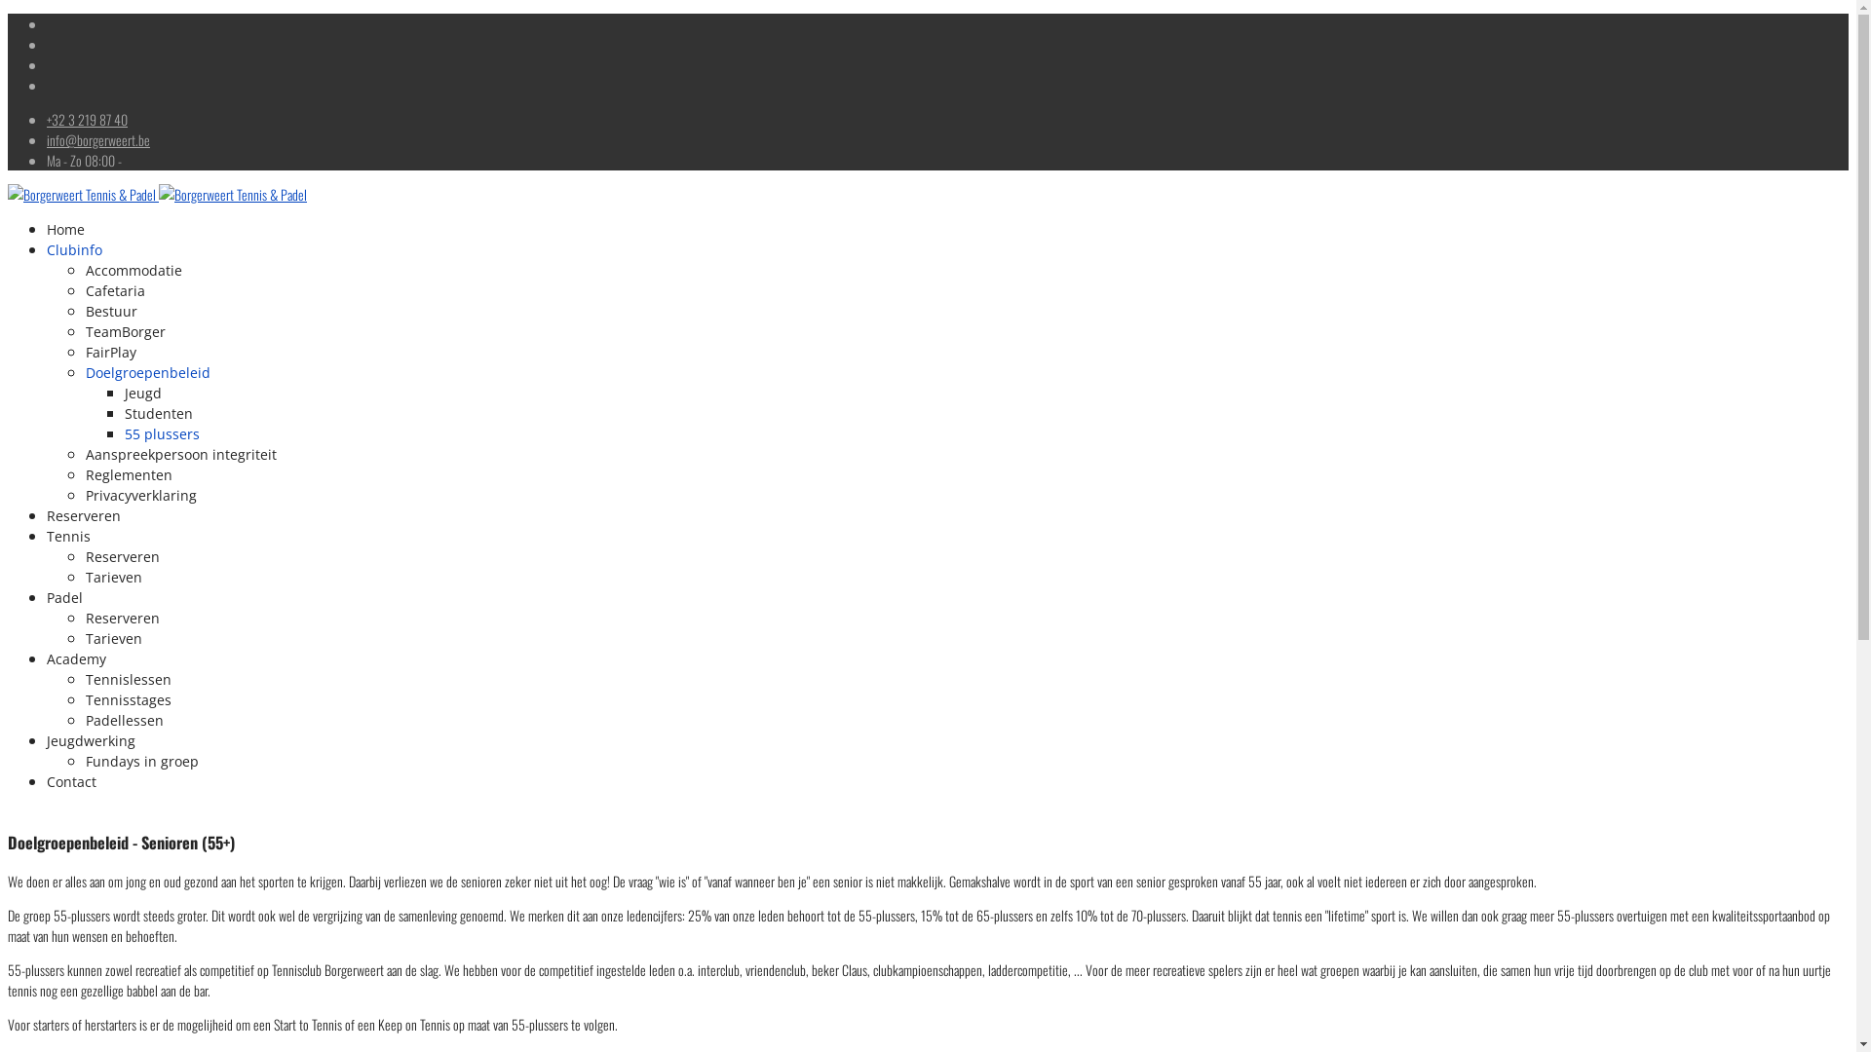 This screenshot has height=1052, width=1871. Describe the element at coordinates (47, 138) in the screenshot. I see `'info@borgerweert.be'` at that location.